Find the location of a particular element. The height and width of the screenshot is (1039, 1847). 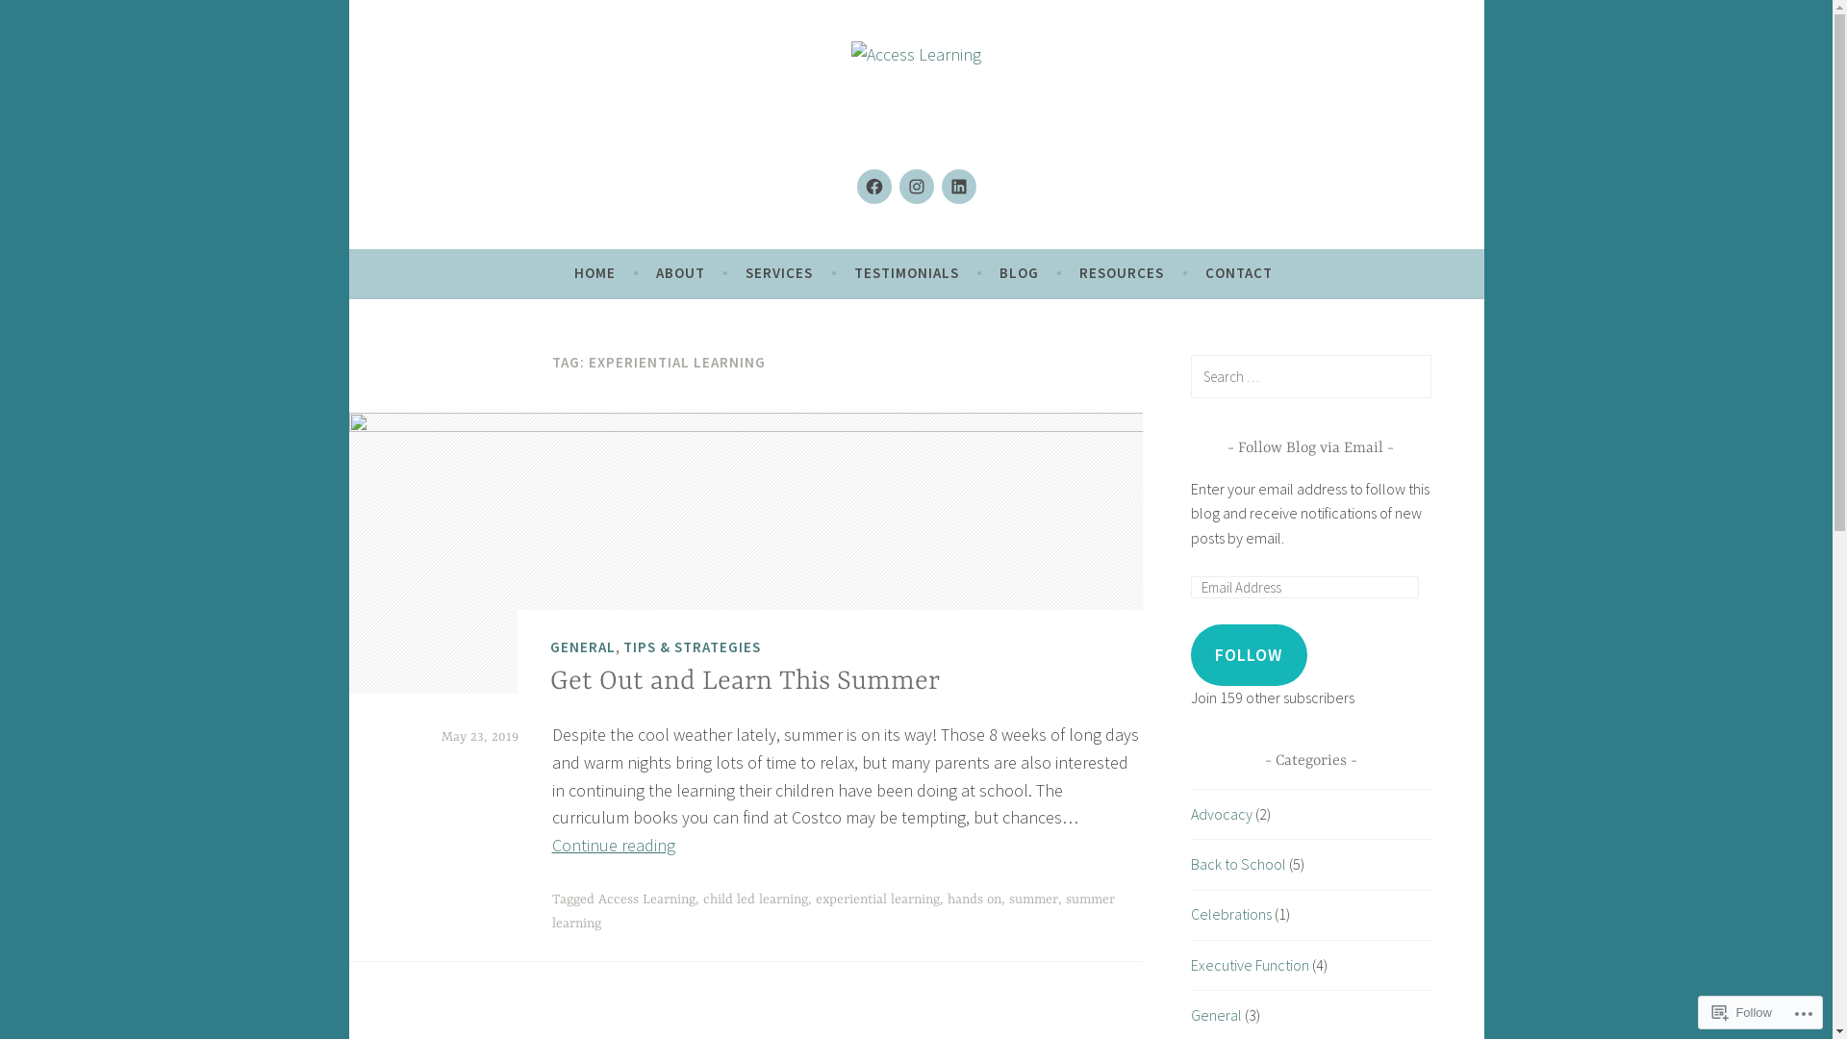

'HOME' is located at coordinates (594, 273).